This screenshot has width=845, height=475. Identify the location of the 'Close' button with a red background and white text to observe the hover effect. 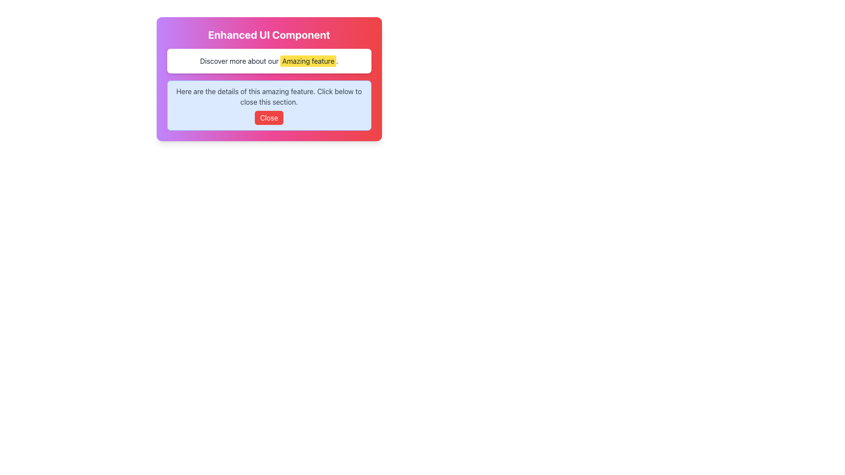
(268, 117).